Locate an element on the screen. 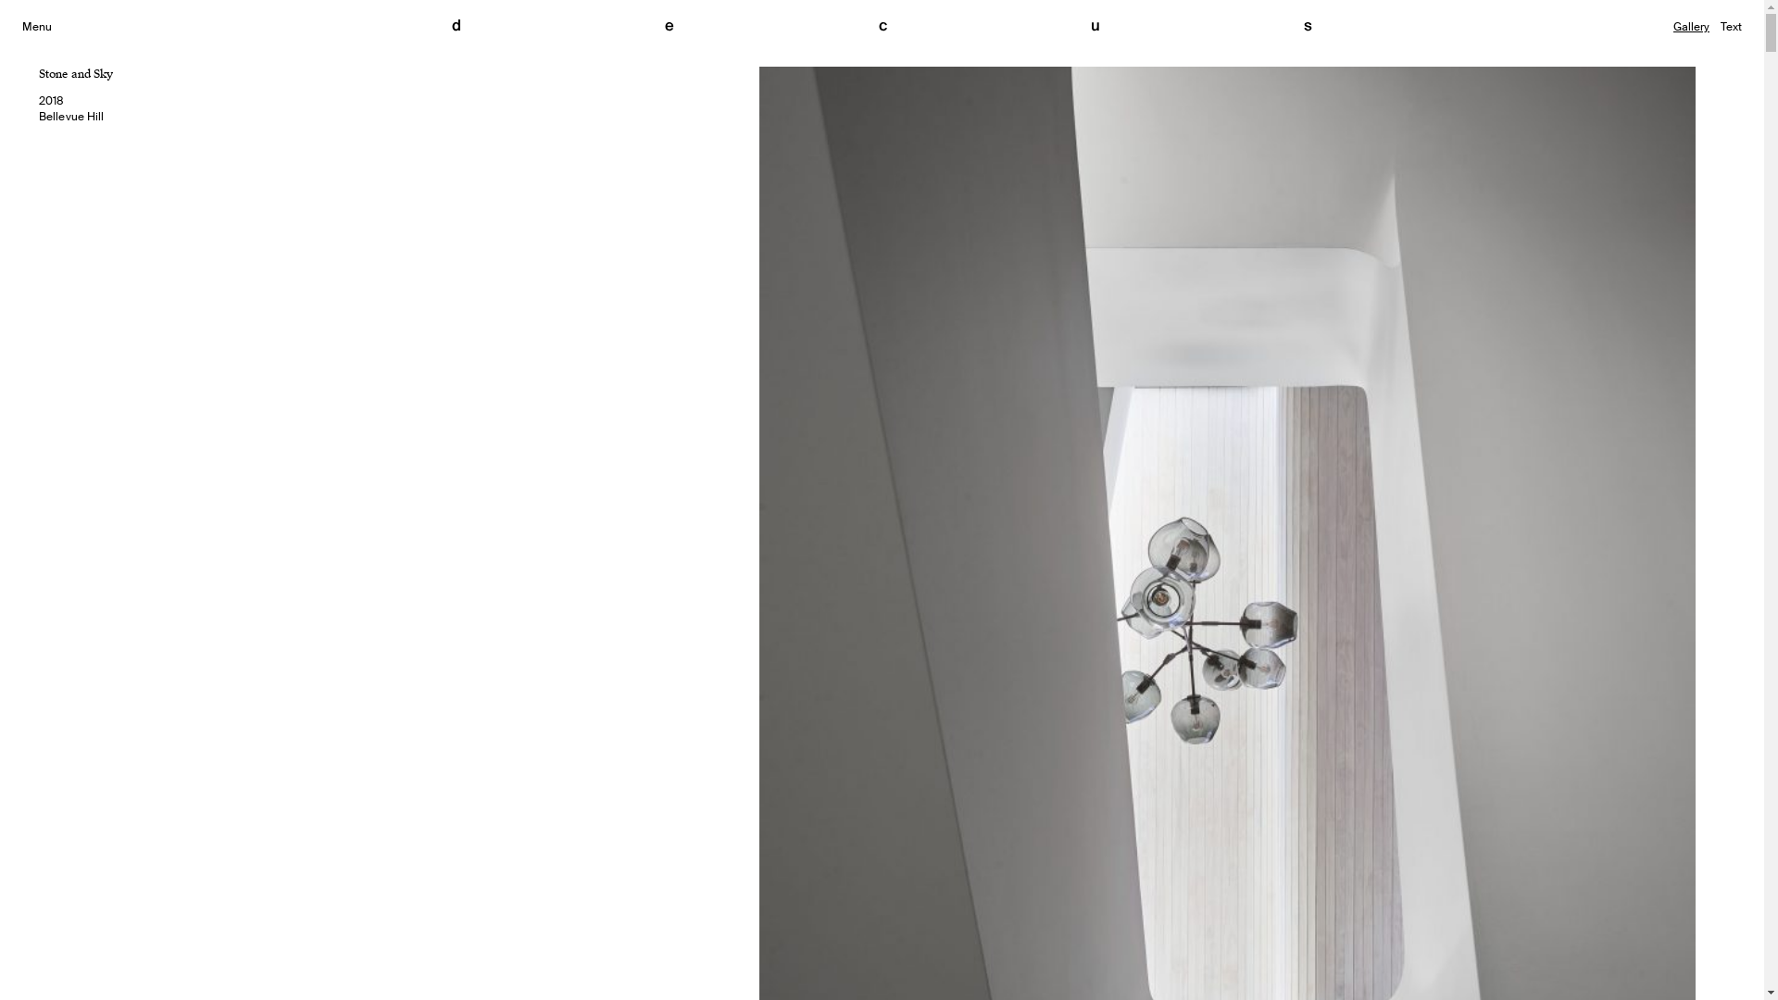 Image resolution: width=1778 pixels, height=1000 pixels. 'Gallery' is located at coordinates (1691, 27).